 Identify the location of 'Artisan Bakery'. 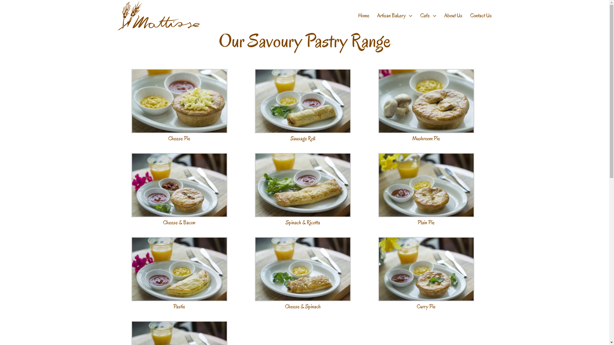
(376, 15).